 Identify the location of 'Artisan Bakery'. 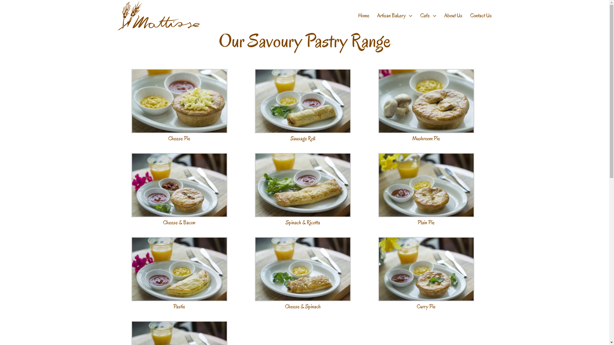
(376, 15).